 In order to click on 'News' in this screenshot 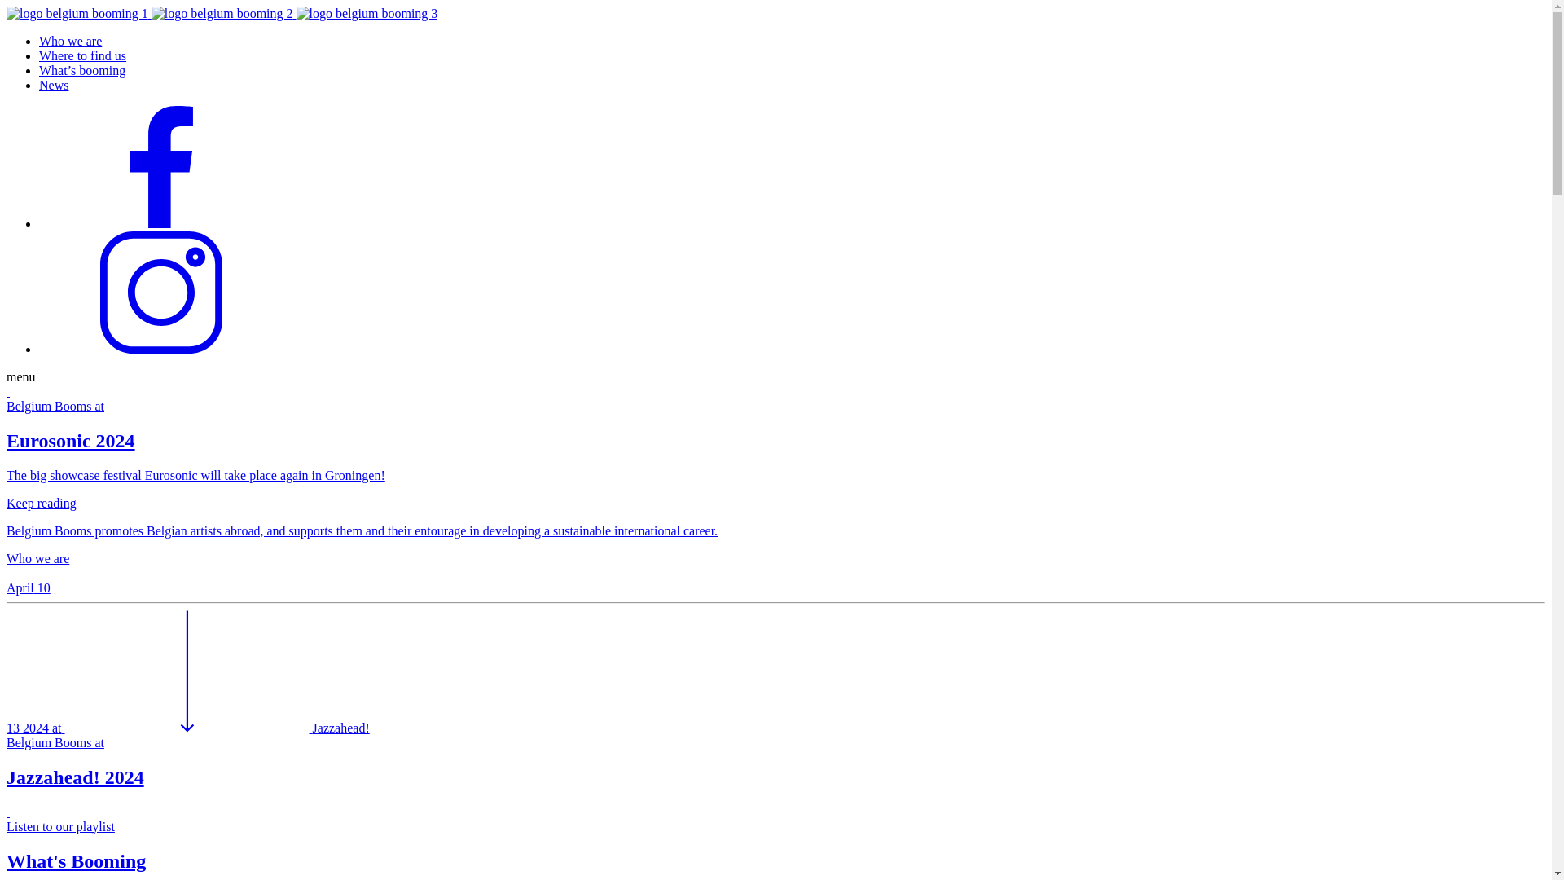, I will do `click(54, 85)`.